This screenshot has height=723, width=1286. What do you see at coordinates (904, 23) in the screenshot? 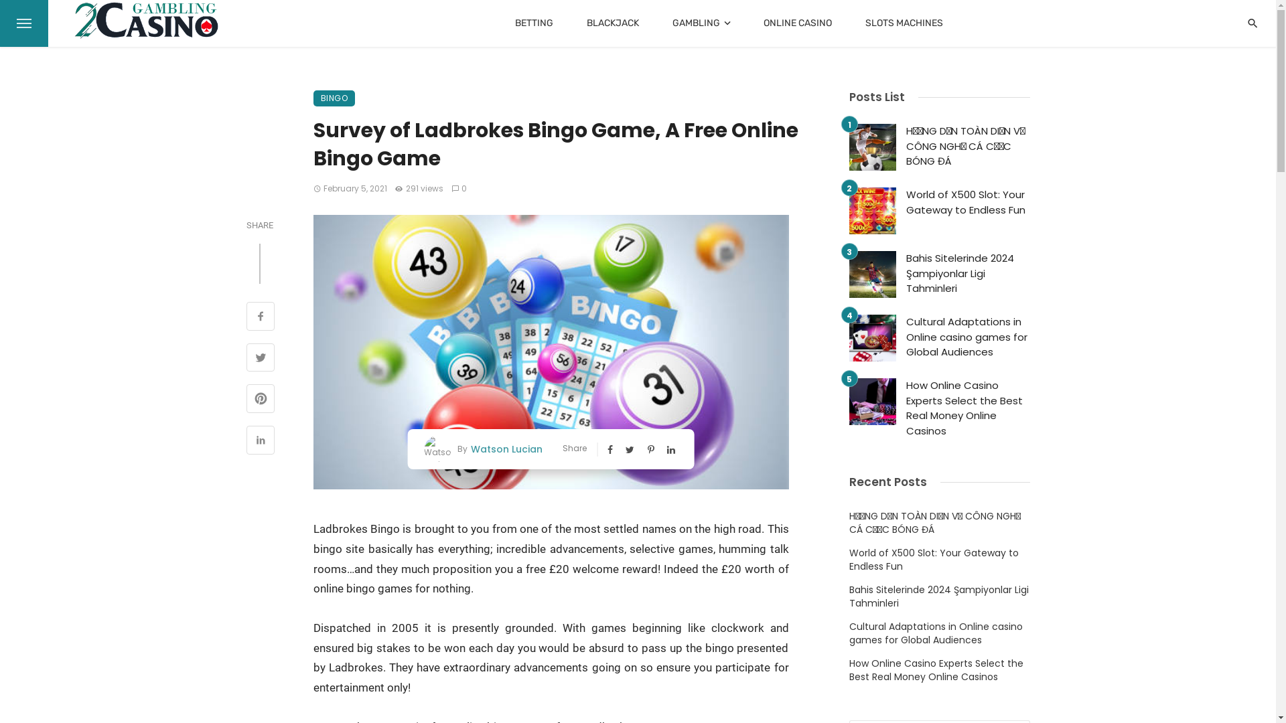
I see `'SLOTS MACHINES'` at bounding box center [904, 23].